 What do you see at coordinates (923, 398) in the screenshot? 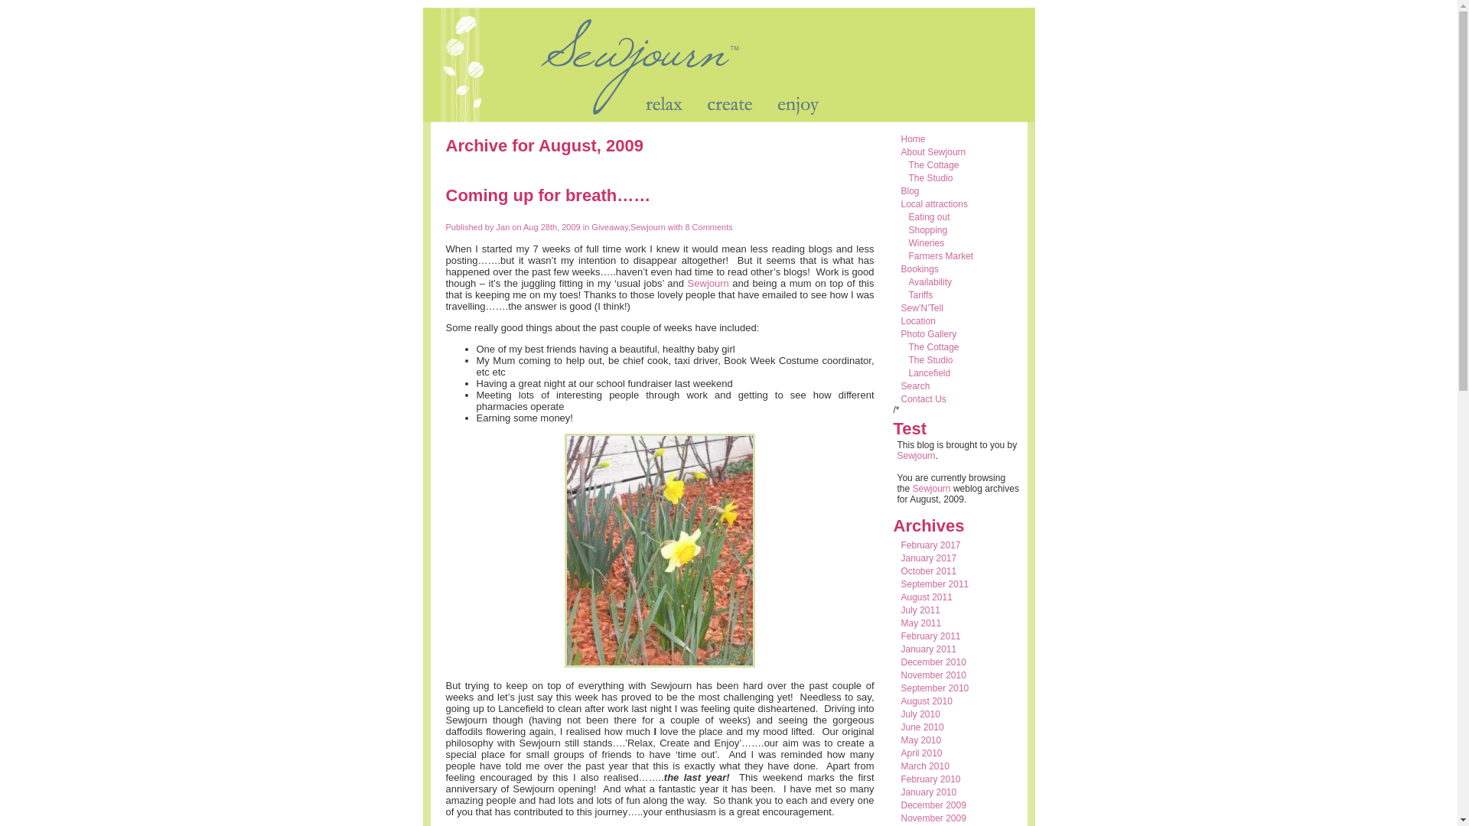
I see `'Contact Us'` at bounding box center [923, 398].